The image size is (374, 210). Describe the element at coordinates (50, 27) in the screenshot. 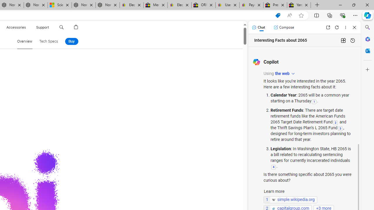

I see `'Support menu'` at that location.